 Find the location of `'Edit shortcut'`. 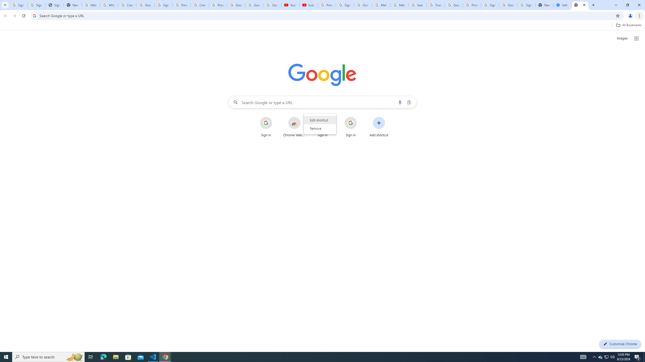

'Edit shortcut' is located at coordinates (319, 120).